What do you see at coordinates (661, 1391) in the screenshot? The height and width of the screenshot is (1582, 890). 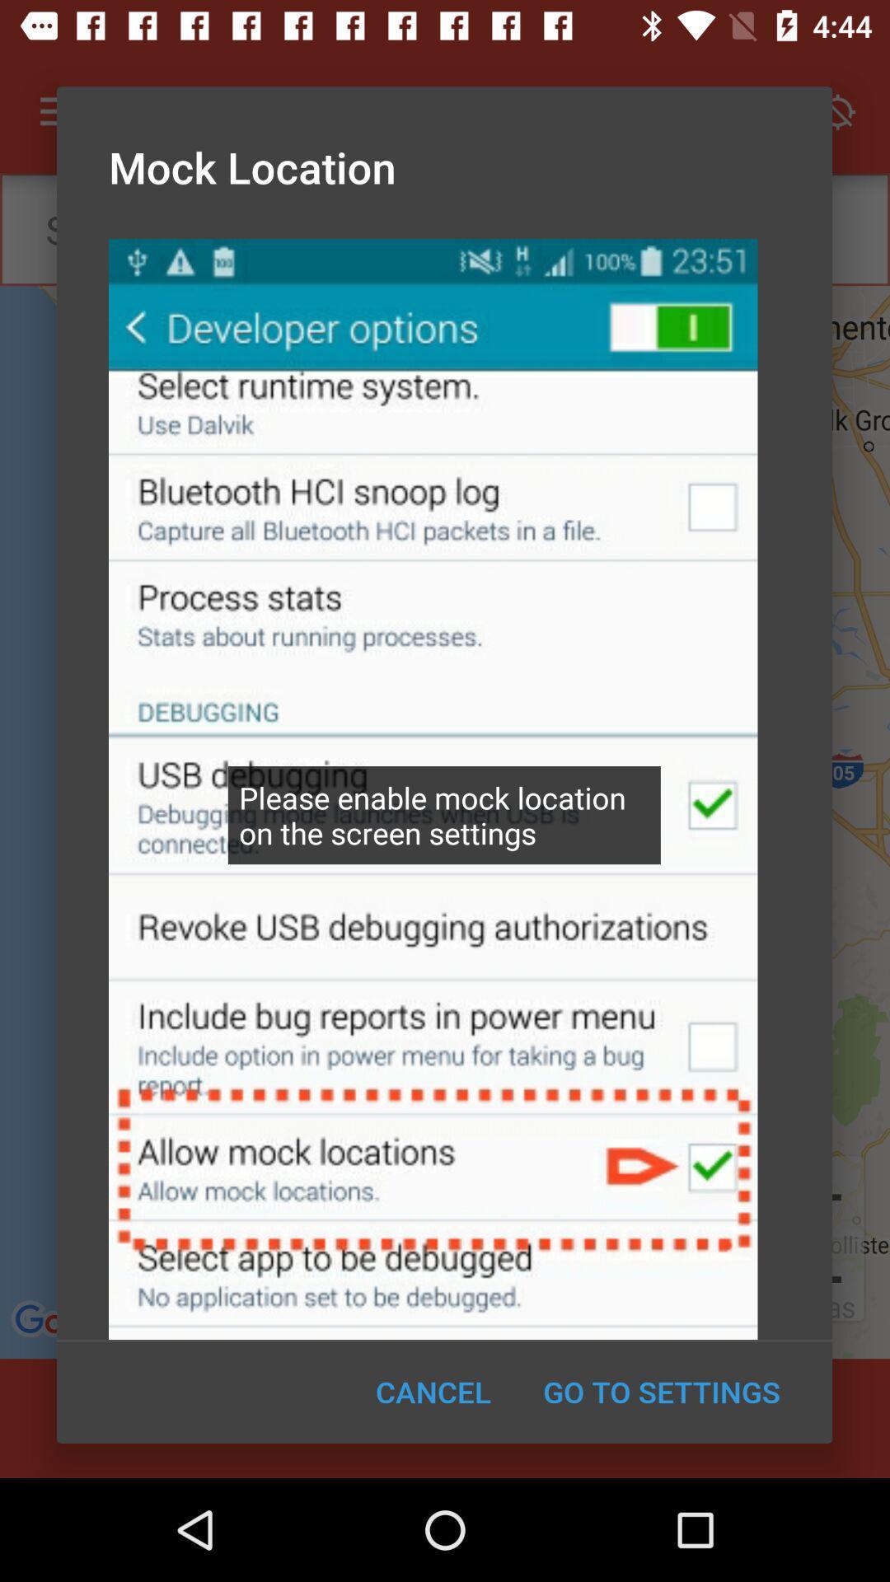 I see `the icon at the bottom right corner` at bounding box center [661, 1391].